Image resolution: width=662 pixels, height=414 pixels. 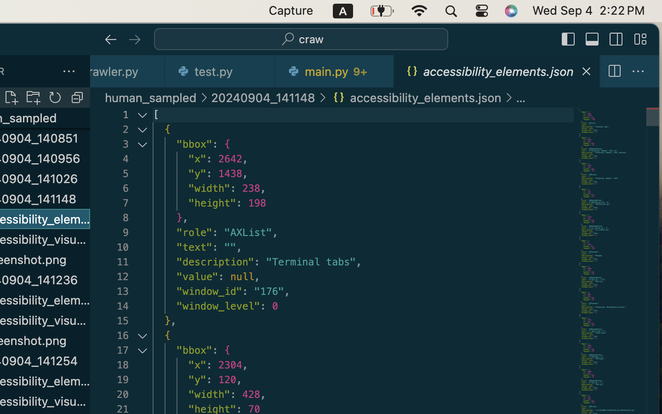 What do you see at coordinates (263, 98) in the screenshot?
I see `'20240904_141148'` at bounding box center [263, 98].